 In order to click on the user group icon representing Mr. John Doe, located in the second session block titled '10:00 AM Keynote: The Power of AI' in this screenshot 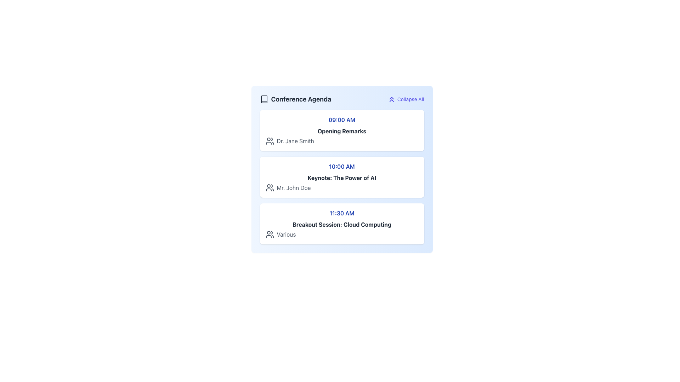, I will do `click(269, 187)`.